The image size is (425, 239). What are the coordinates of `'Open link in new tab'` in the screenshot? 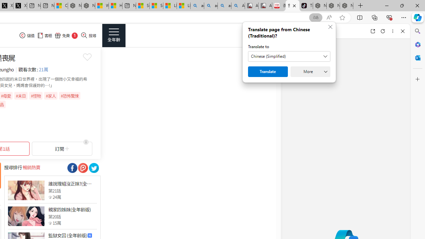 It's located at (373, 31).